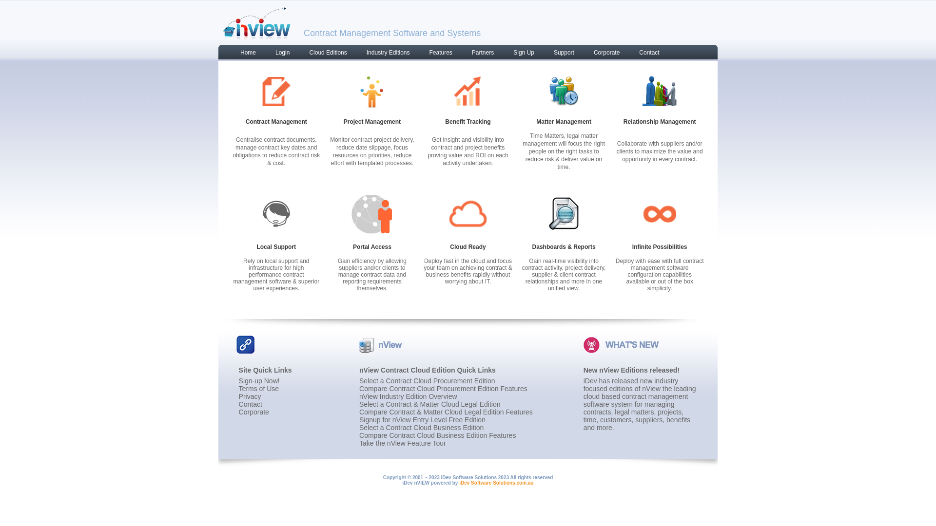  I want to click on 'Select a Contract & Matter Cloud Legal Edition', so click(429, 404).